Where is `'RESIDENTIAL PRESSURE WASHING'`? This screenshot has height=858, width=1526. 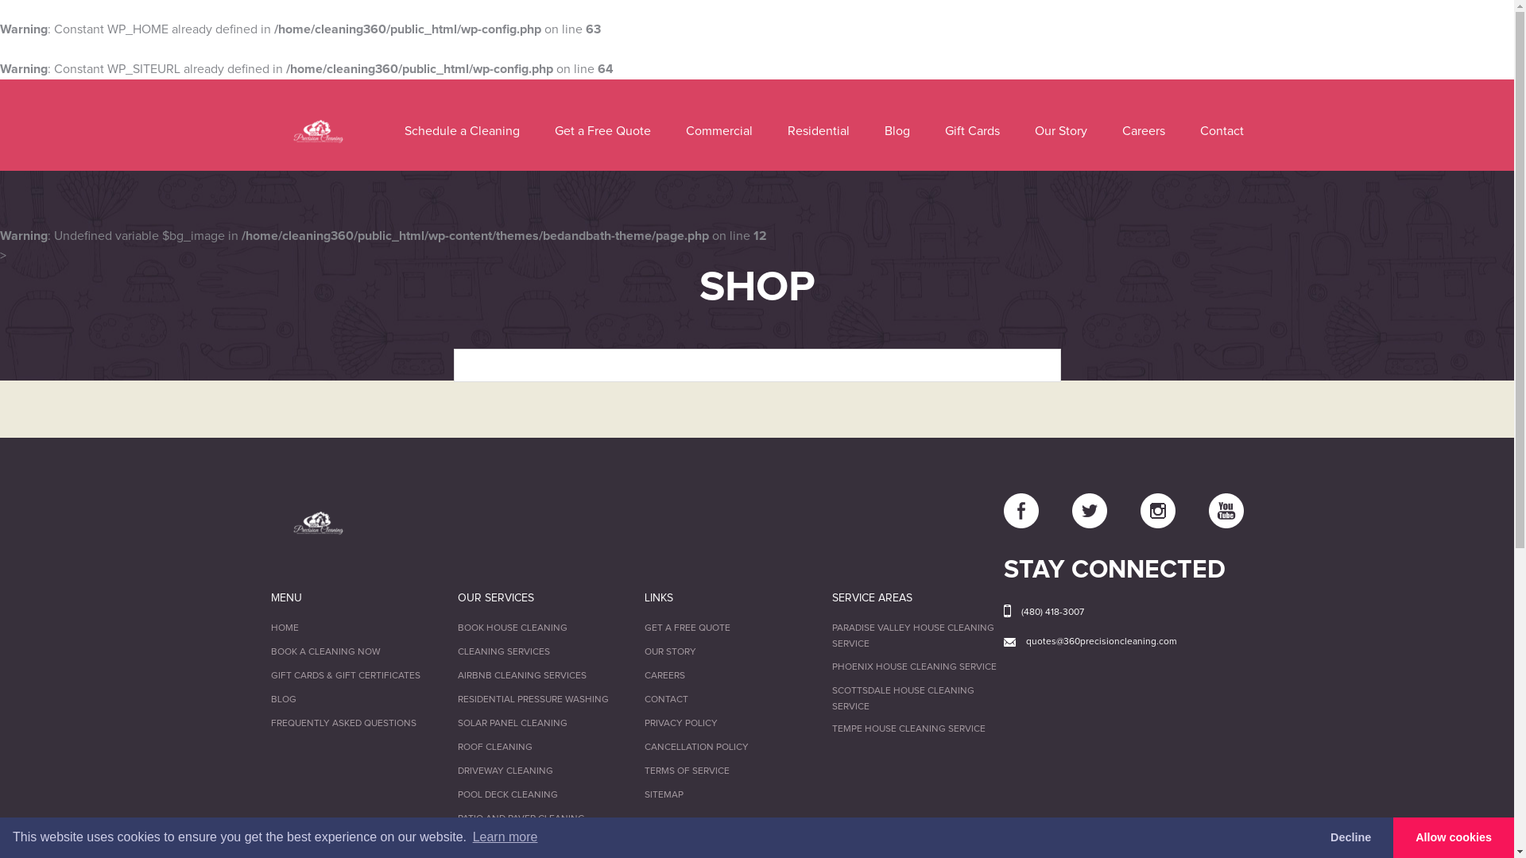 'RESIDENTIAL PRESSURE WASHING' is located at coordinates (457, 698).